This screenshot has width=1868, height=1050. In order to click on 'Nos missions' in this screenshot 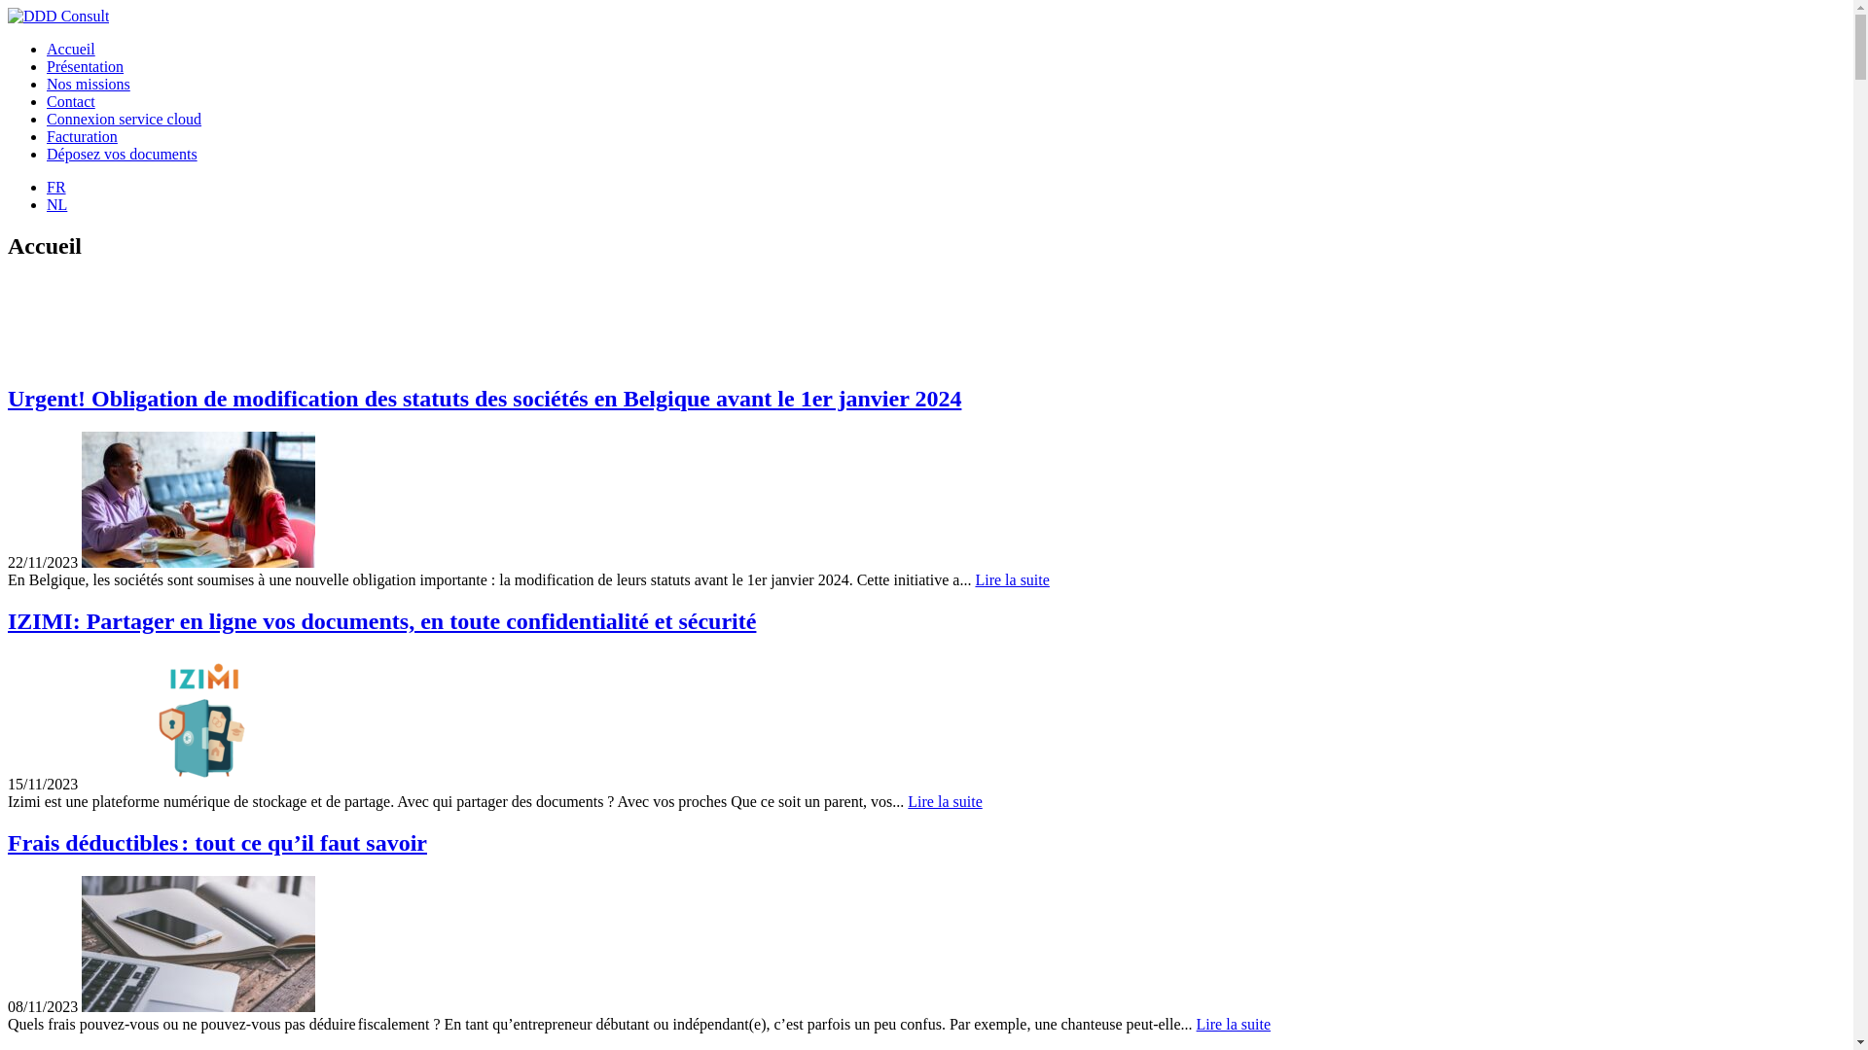, I will do `click(47, 83)`.